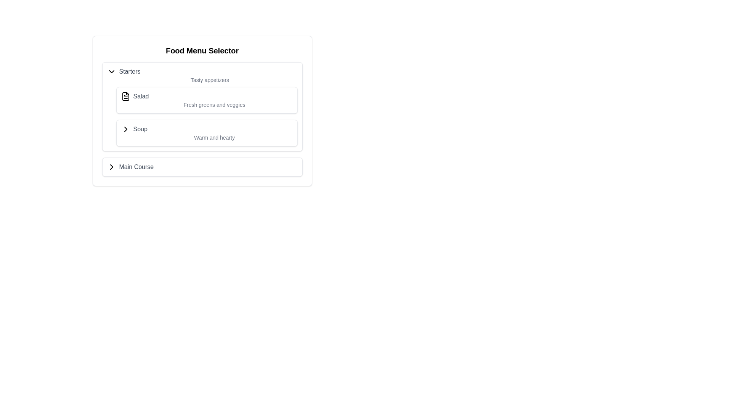  Describe the element at coordinates (202, 119) in the screenshot. I see `the 'Soup' selectable menu item, which is the third entry under the 'Food Menu Selector'` at that location.